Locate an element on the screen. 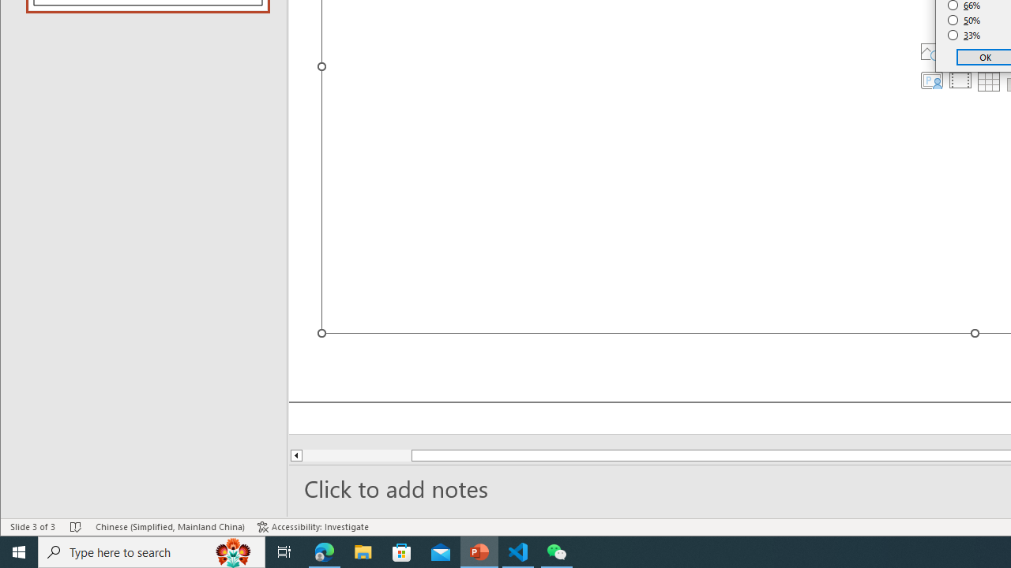 The height and width of the screenshot is (568, 1011). '50%' is located at coordinates (964, 20).